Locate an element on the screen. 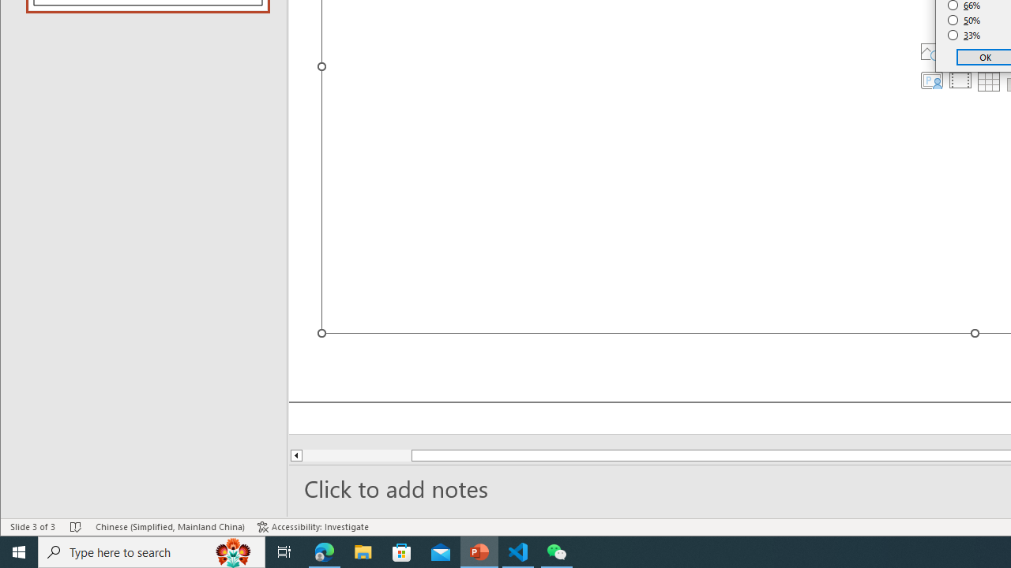 The height and width of the screenshot is (568, 1011). '50%' is located at coordinates (964, 20).